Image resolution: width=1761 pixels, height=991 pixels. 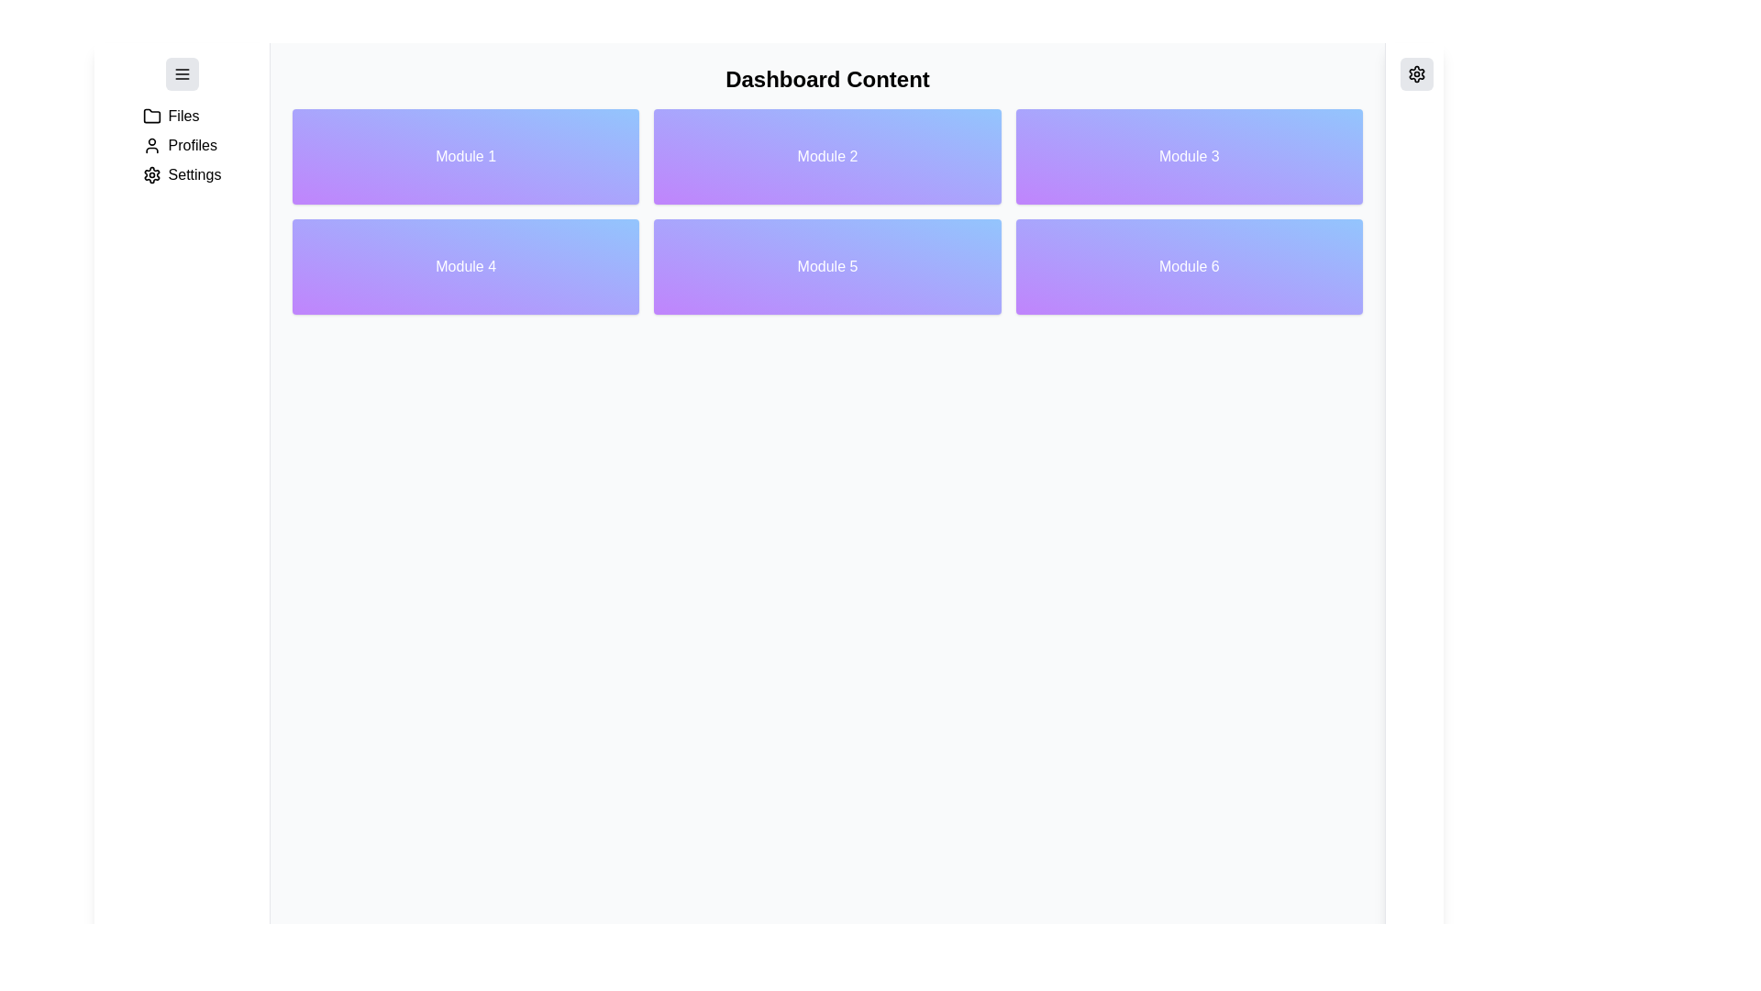 I want to click on the Menu Icon, which resembles three horizontal lines arranged vertically and is positioned in the navigation pane on the left-hand side, near the top of the vertical menu layout, so click(x=182, y=73).